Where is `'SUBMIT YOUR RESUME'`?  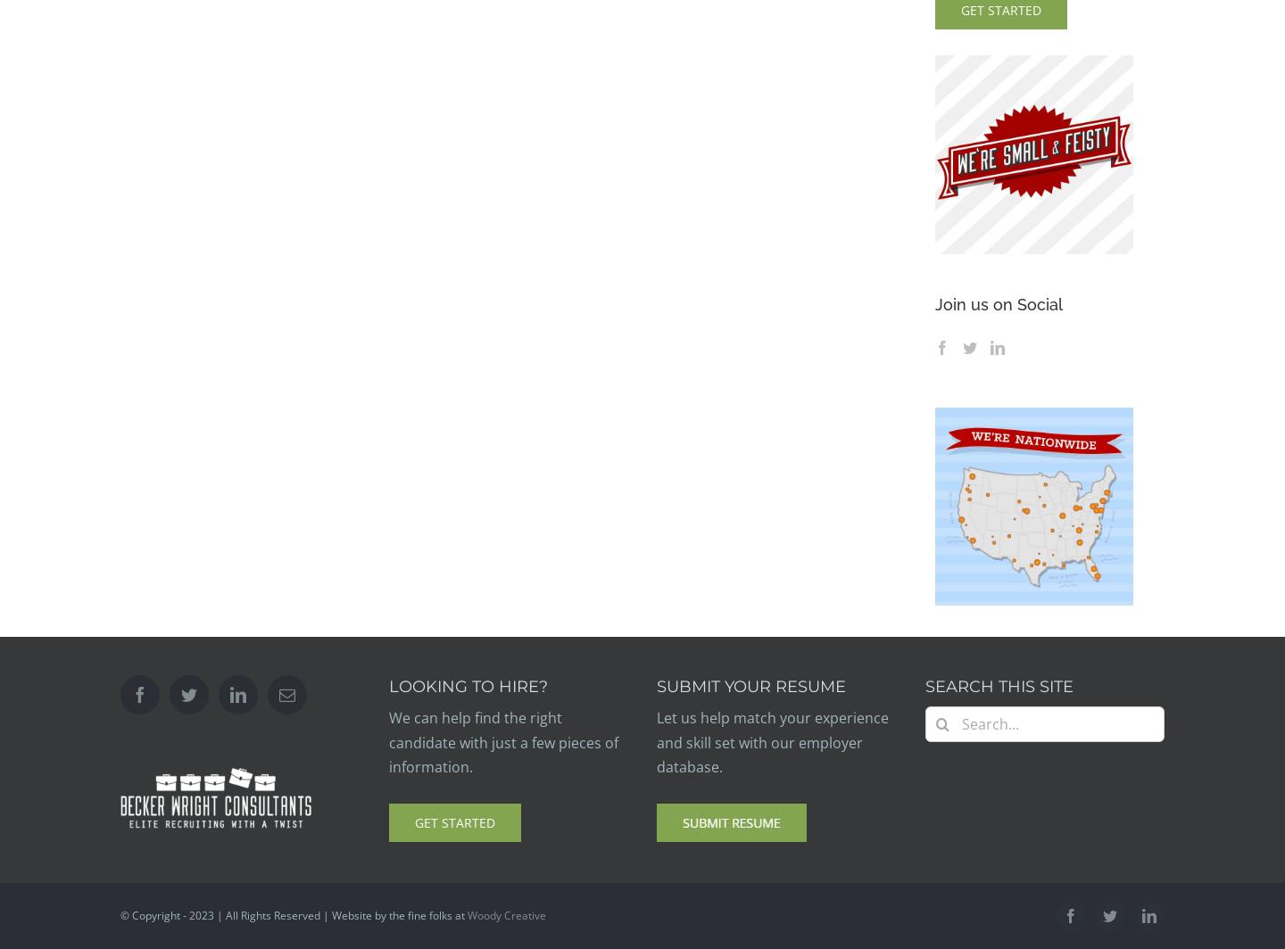
'SUBMIT YOUR RESUME' is located at coordinates (750, 687).